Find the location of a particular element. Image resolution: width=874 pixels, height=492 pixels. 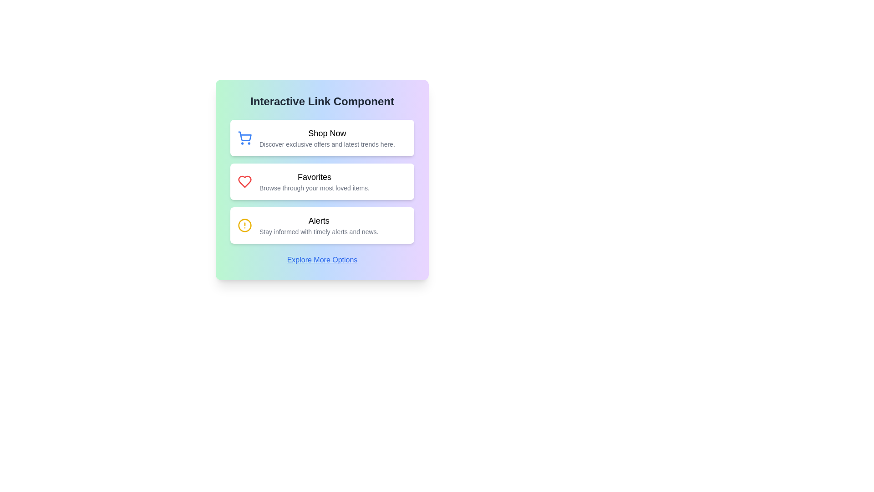

the hyperlink styled with blue text and an underline that reads 'Explore More Options', located at the bottom-center of the 'Interactive Link Component' section, to trigger its hover effect is located at coordinates (322, 260).